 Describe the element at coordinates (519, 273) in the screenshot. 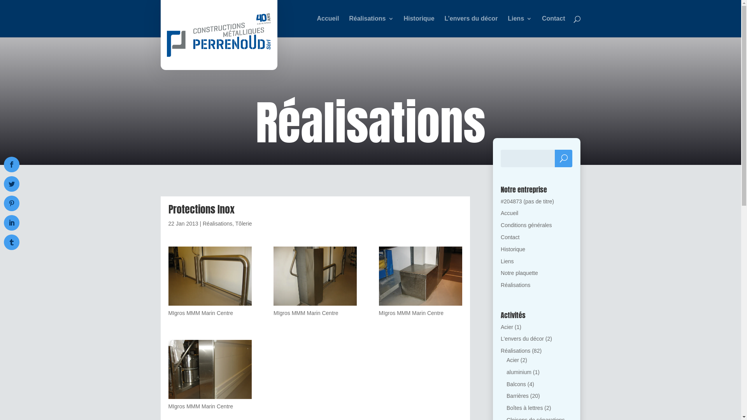

I see `'Notre plaquette'` at that location.